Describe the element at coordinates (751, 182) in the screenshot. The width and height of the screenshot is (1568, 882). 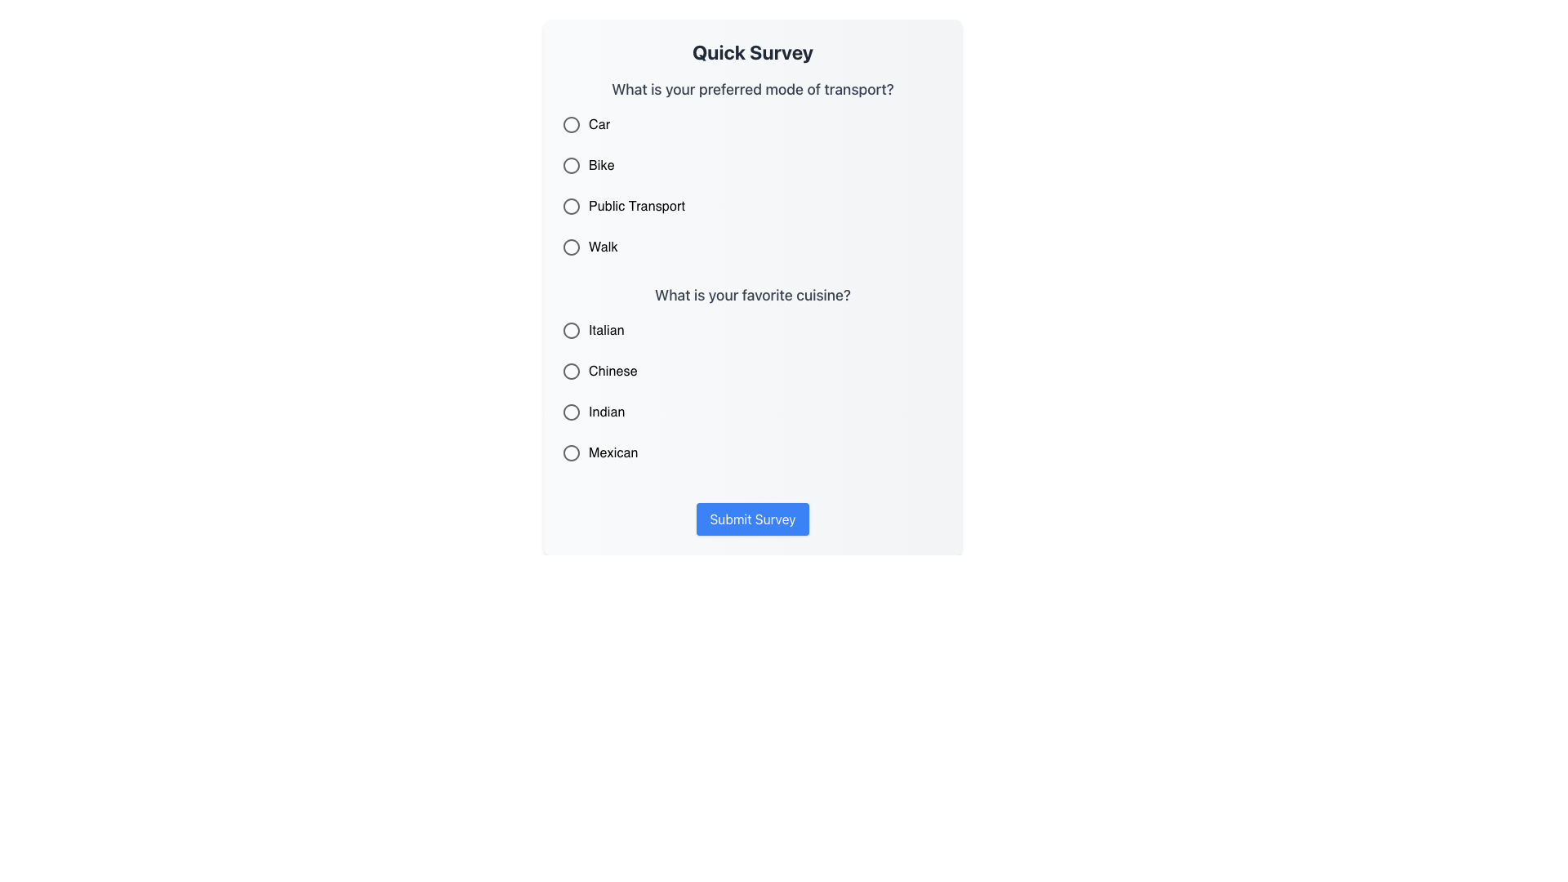
I see `the radio button in the transport selection group` at that location.